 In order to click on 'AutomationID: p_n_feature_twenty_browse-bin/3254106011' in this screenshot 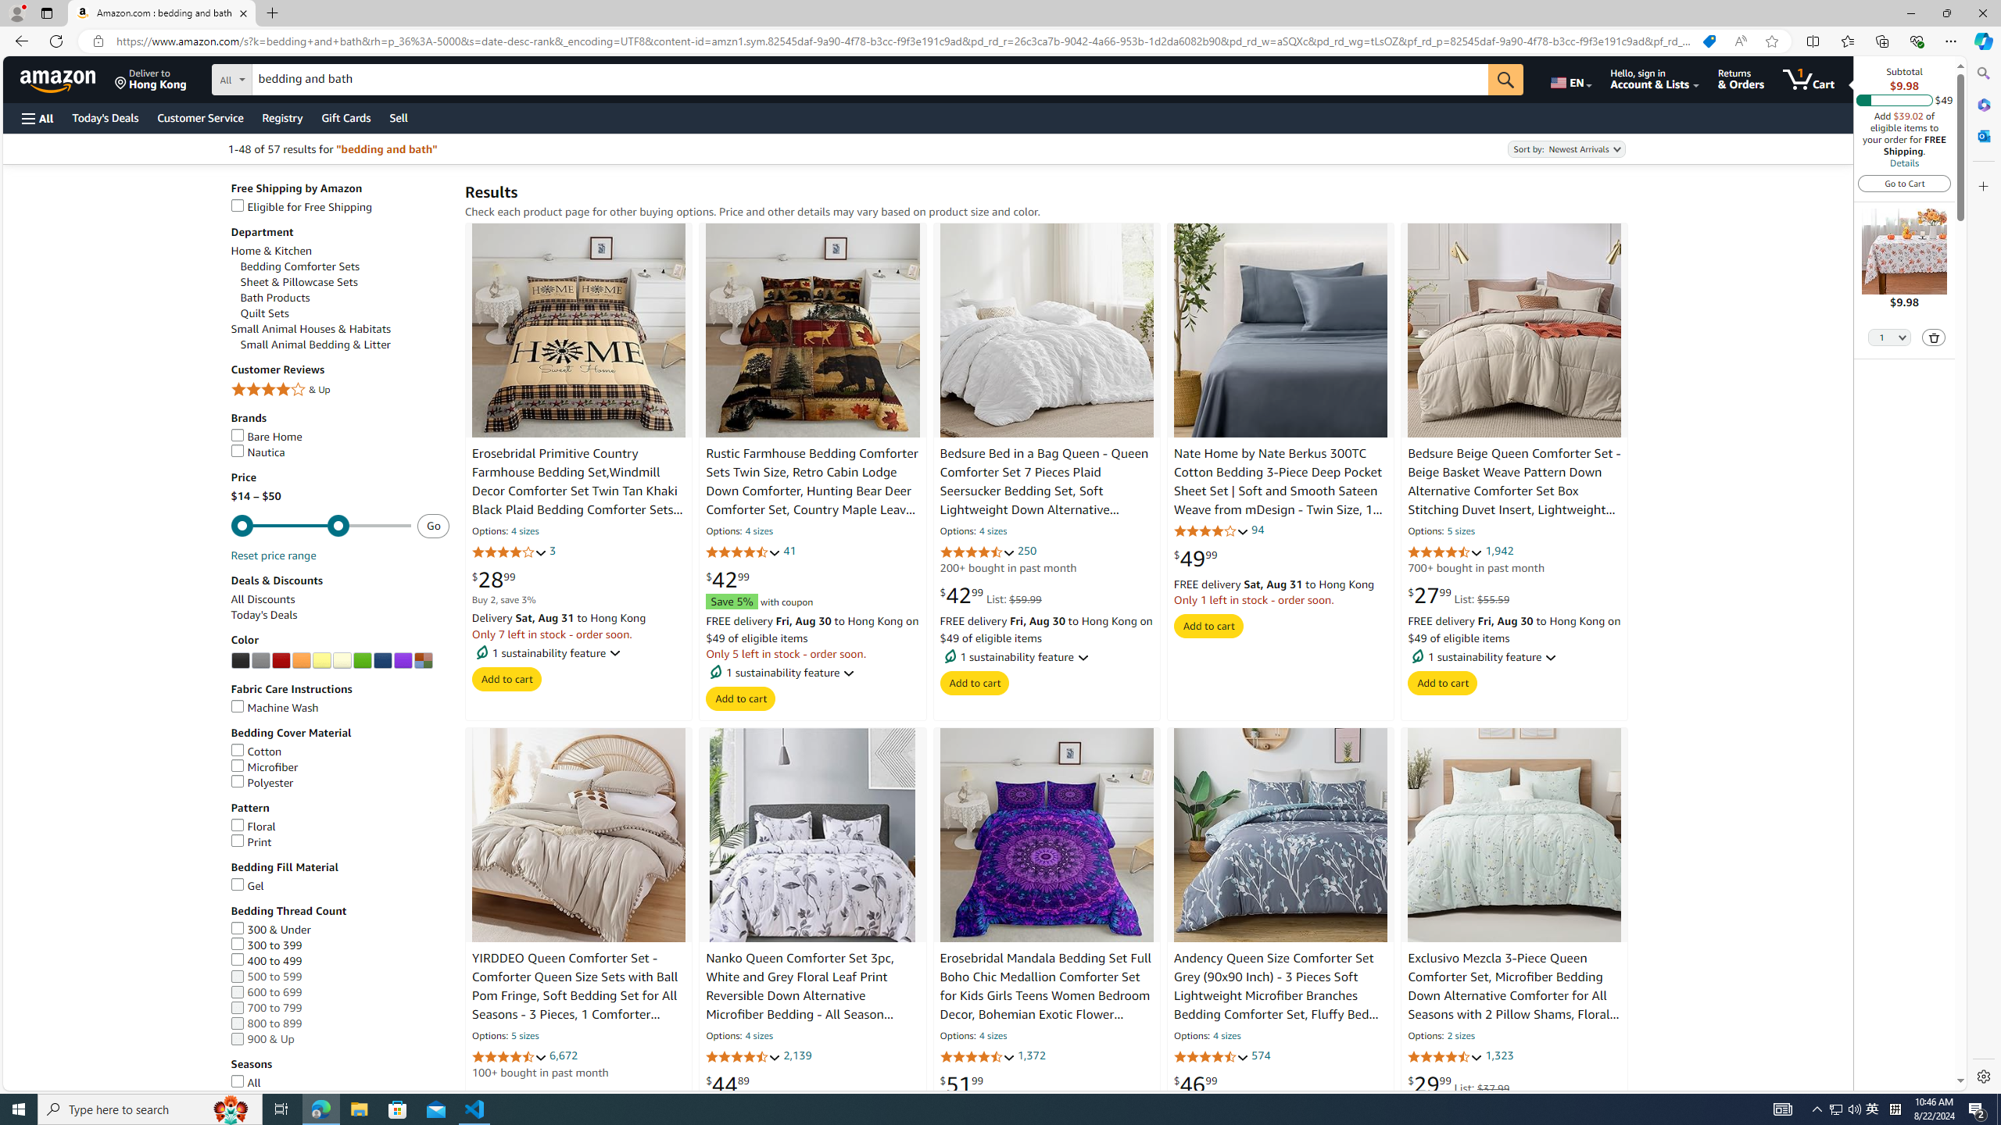, I will do `click(321, 661)`.